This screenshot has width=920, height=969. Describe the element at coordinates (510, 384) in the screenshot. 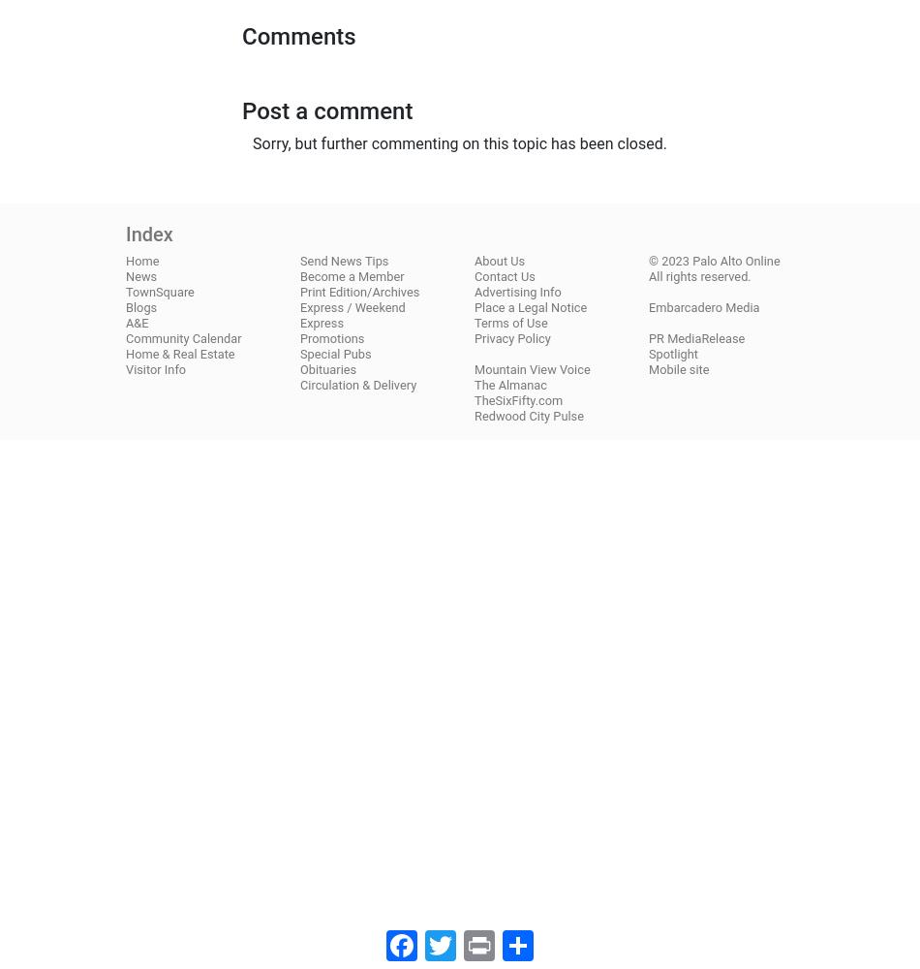

I see `'The Almanac'` at that location.